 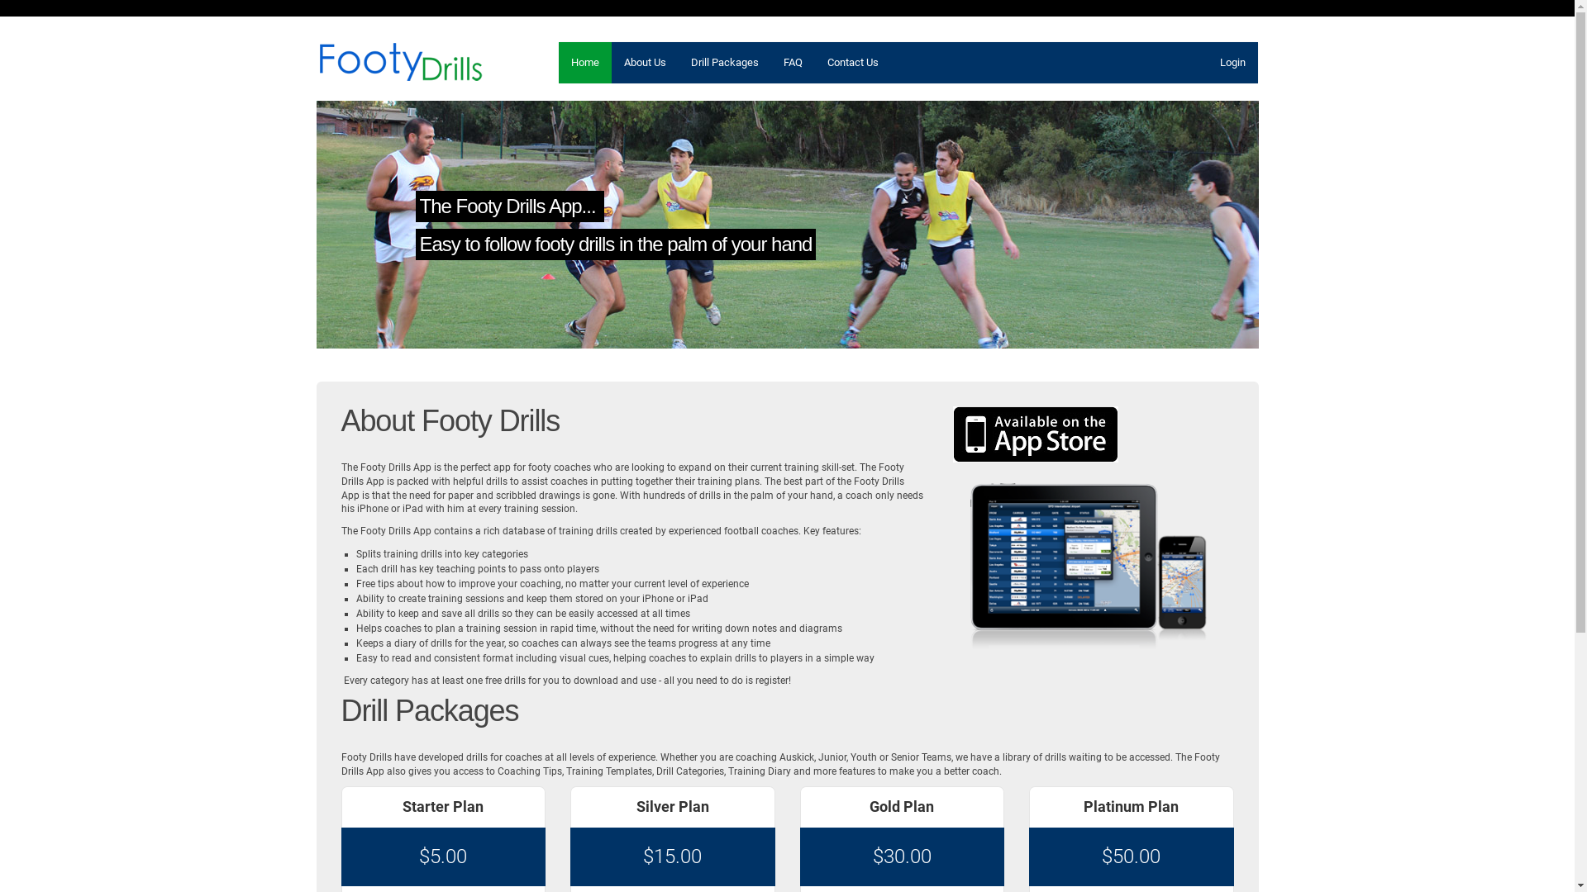 I want to click on 'Login', so click(x=1232, y=62).